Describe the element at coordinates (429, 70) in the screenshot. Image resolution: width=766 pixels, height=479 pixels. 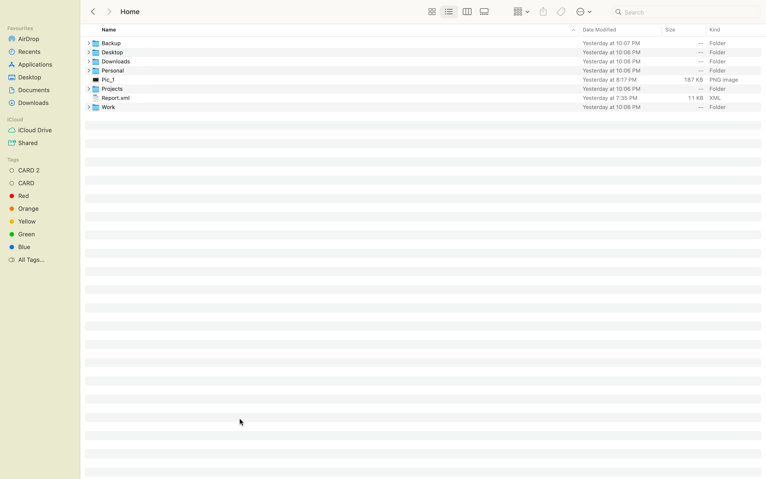
I see `the Personal directory and then return to the last opened folder` at that location.